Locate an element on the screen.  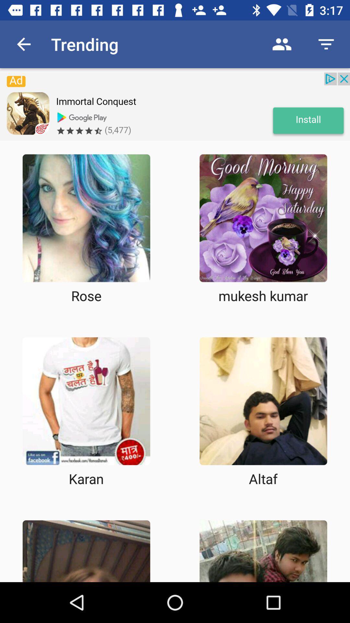
install app advertising is located at coordinates (175, 106).